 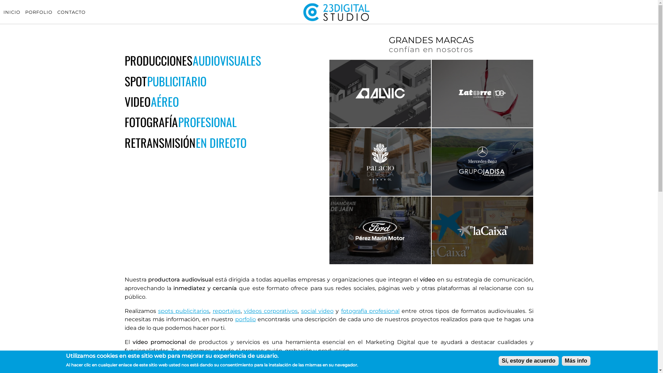 I want to click on 'PRODUCCIONES AUDIOVISUALES', so click(x=192, y=60).